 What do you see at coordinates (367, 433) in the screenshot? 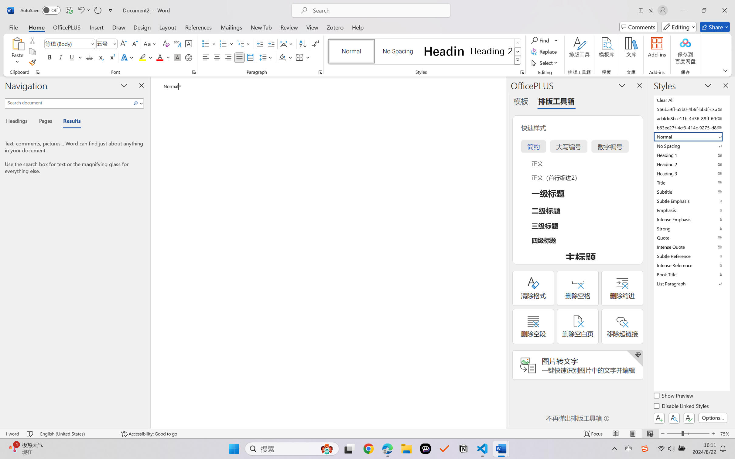
I see `'Class: MsoCommandBar'` at bounding box center [367, 433].